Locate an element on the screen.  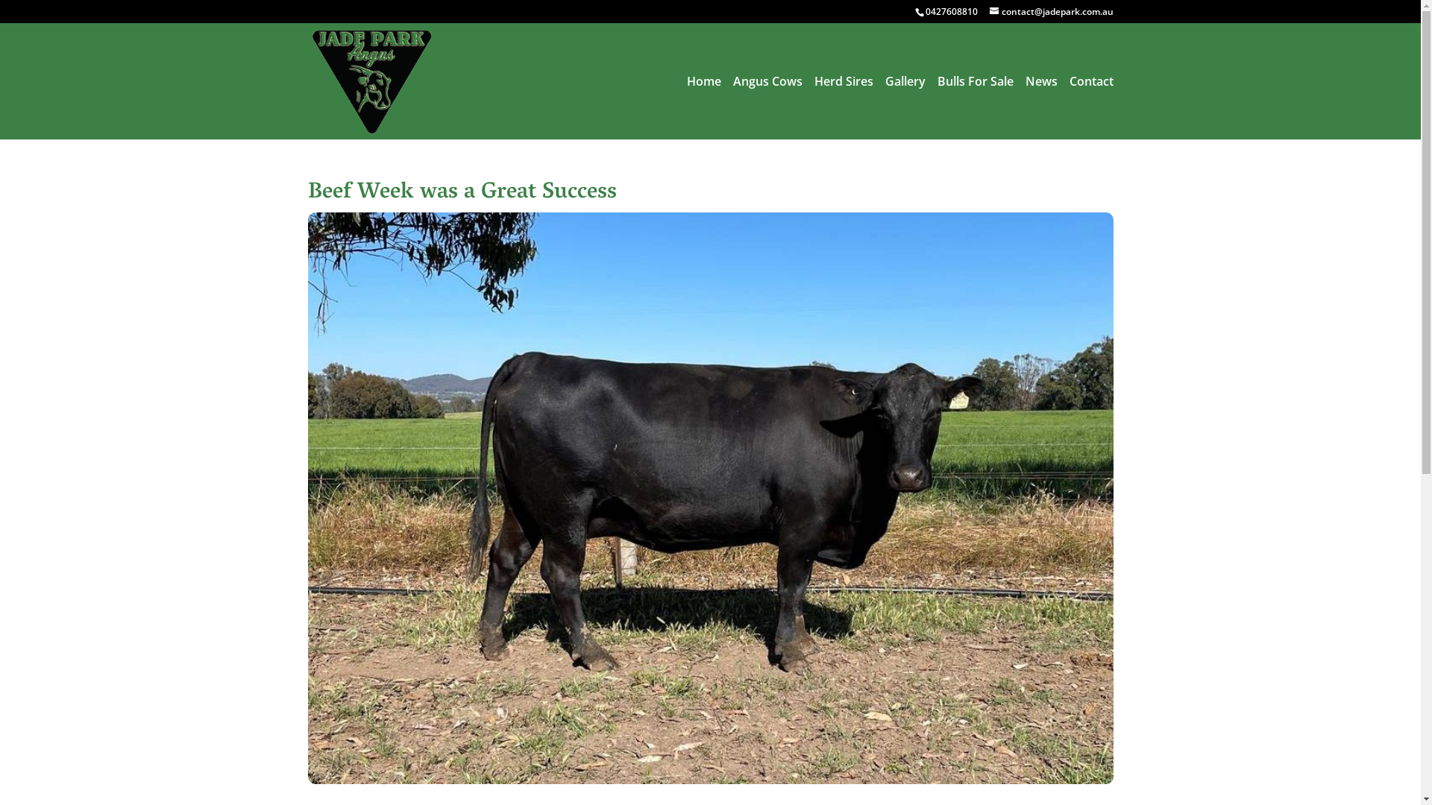
'contact@jadepark.com.au' is located at coordinates (1050, 11).